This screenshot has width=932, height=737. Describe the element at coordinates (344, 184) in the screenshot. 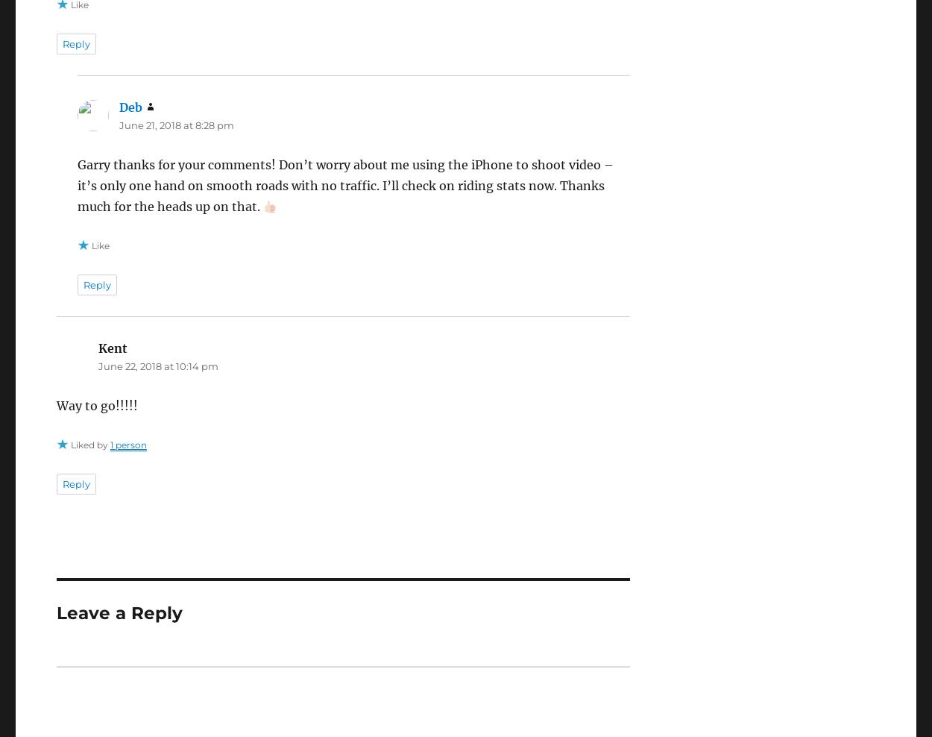

I see `'Garry thanks for your comments!  Don’t worry about me using the iPhone to shoot video – it’s only one hand on smooth roads with no traffic. I’ll check on riding stats now. Thanks much for the heads up on that.'` at that location.